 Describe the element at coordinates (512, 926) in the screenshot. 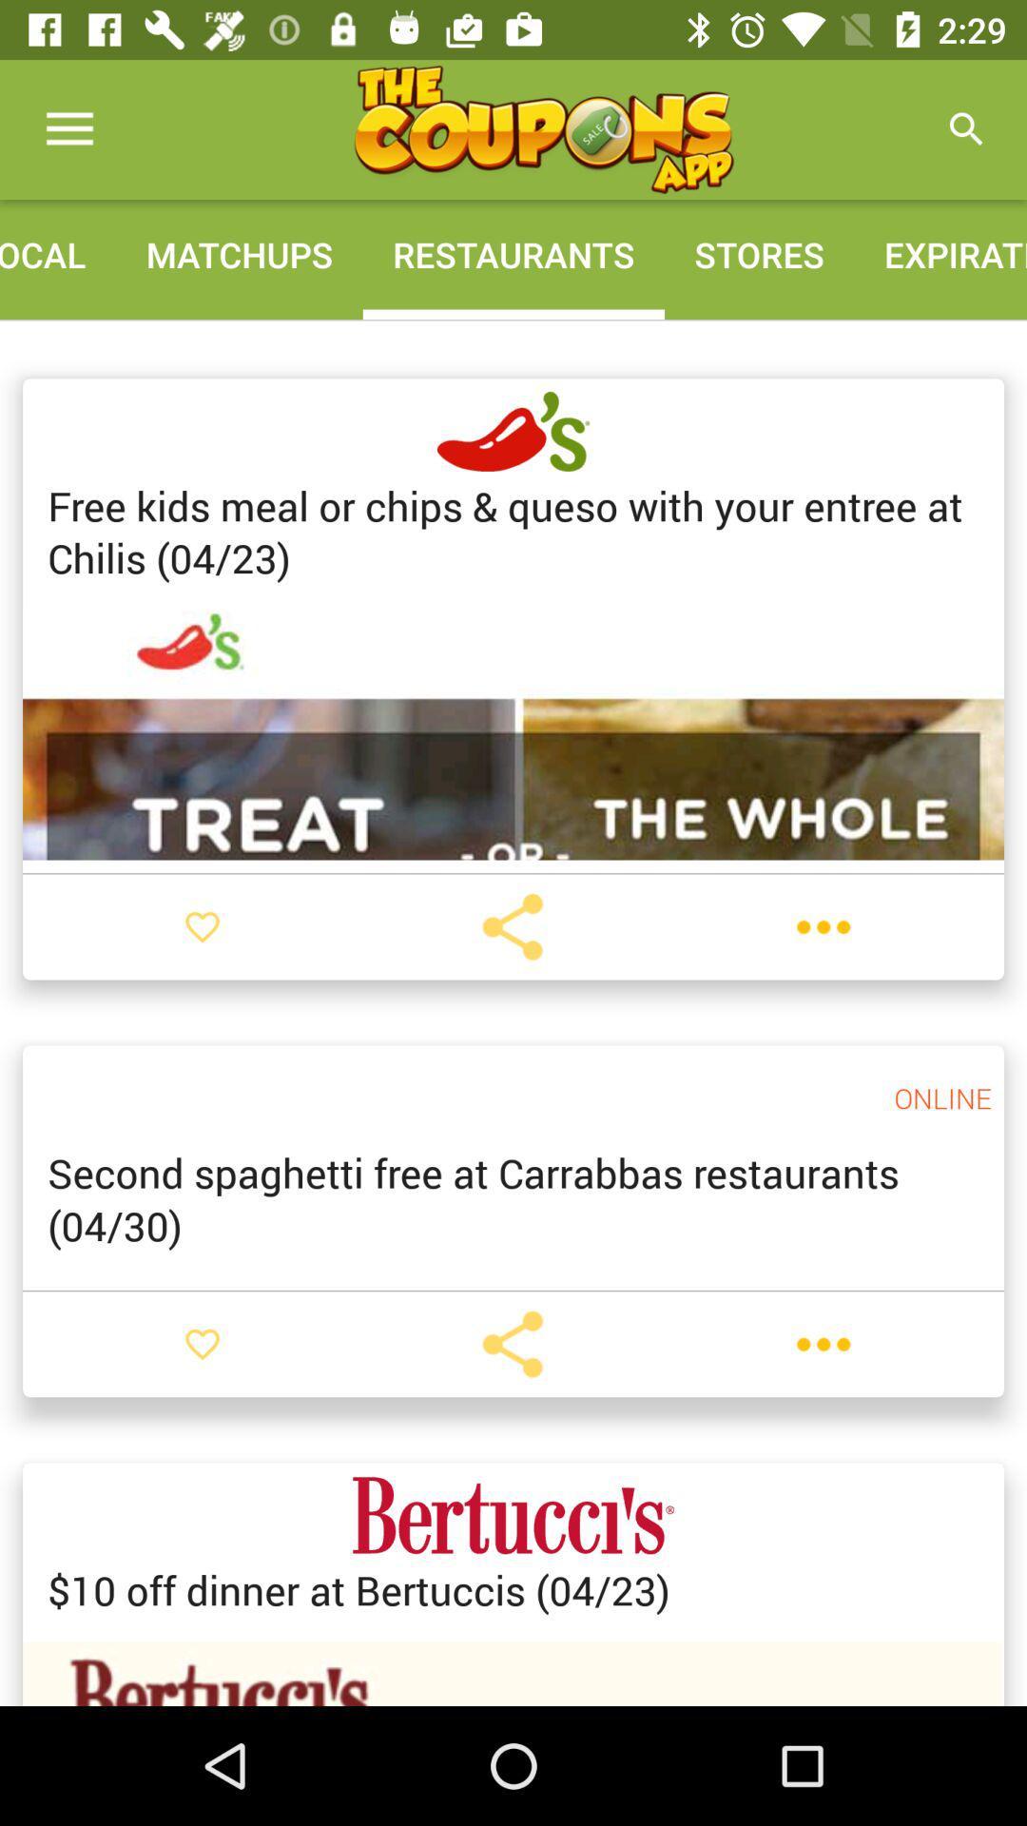

I see `share the article to others` at that location.